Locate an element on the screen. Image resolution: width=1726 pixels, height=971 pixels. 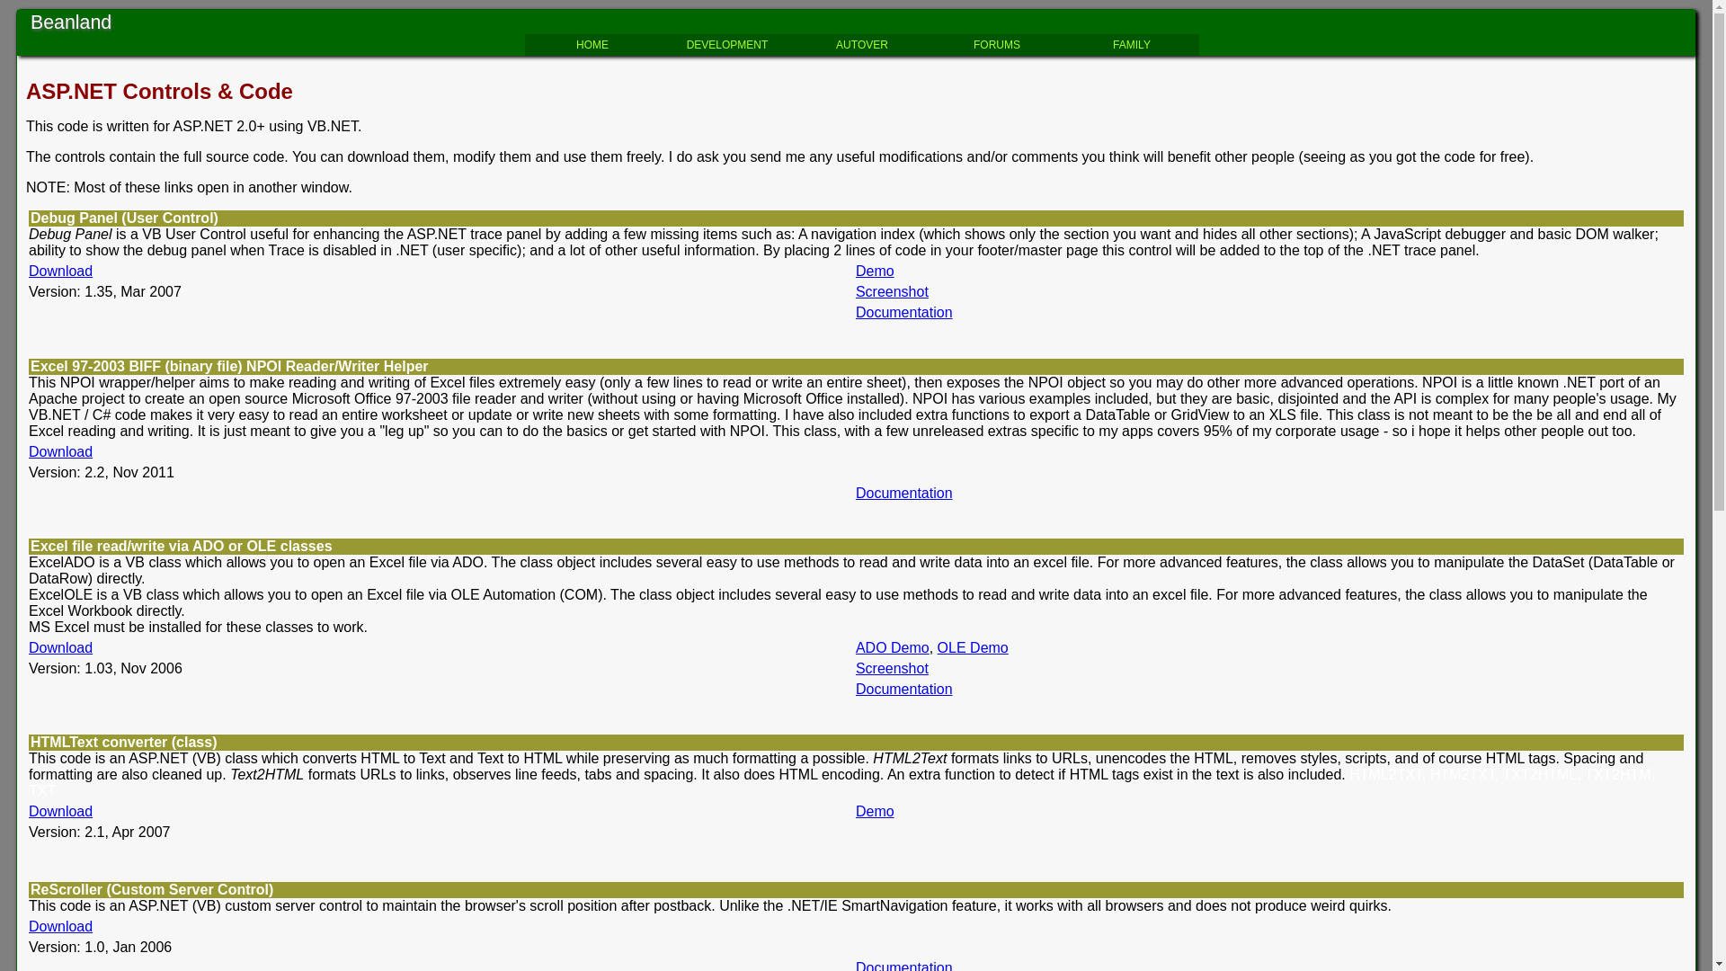
'AUTOVER' is located at coordinates (861, 44).